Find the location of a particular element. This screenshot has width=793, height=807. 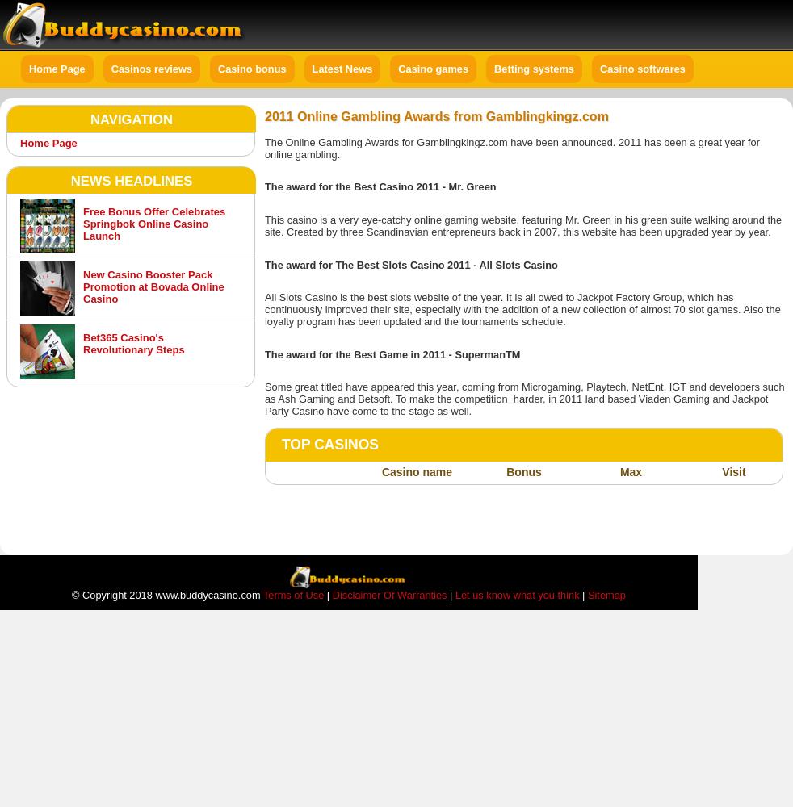

'Some great titled have appeared this year, coming from Microgaming, Playtech, NetEnt, IGT and developers such as Ash Gaming and Betsoft. To make the competition  harder, in 2011 land based Viaden Gaming and Jackpot Party Casino have come to the stage as well.' is located at coordinates (523, 398).